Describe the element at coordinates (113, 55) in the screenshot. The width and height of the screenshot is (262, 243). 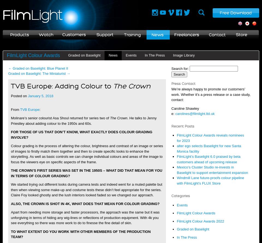
I see `'News'` at that location.